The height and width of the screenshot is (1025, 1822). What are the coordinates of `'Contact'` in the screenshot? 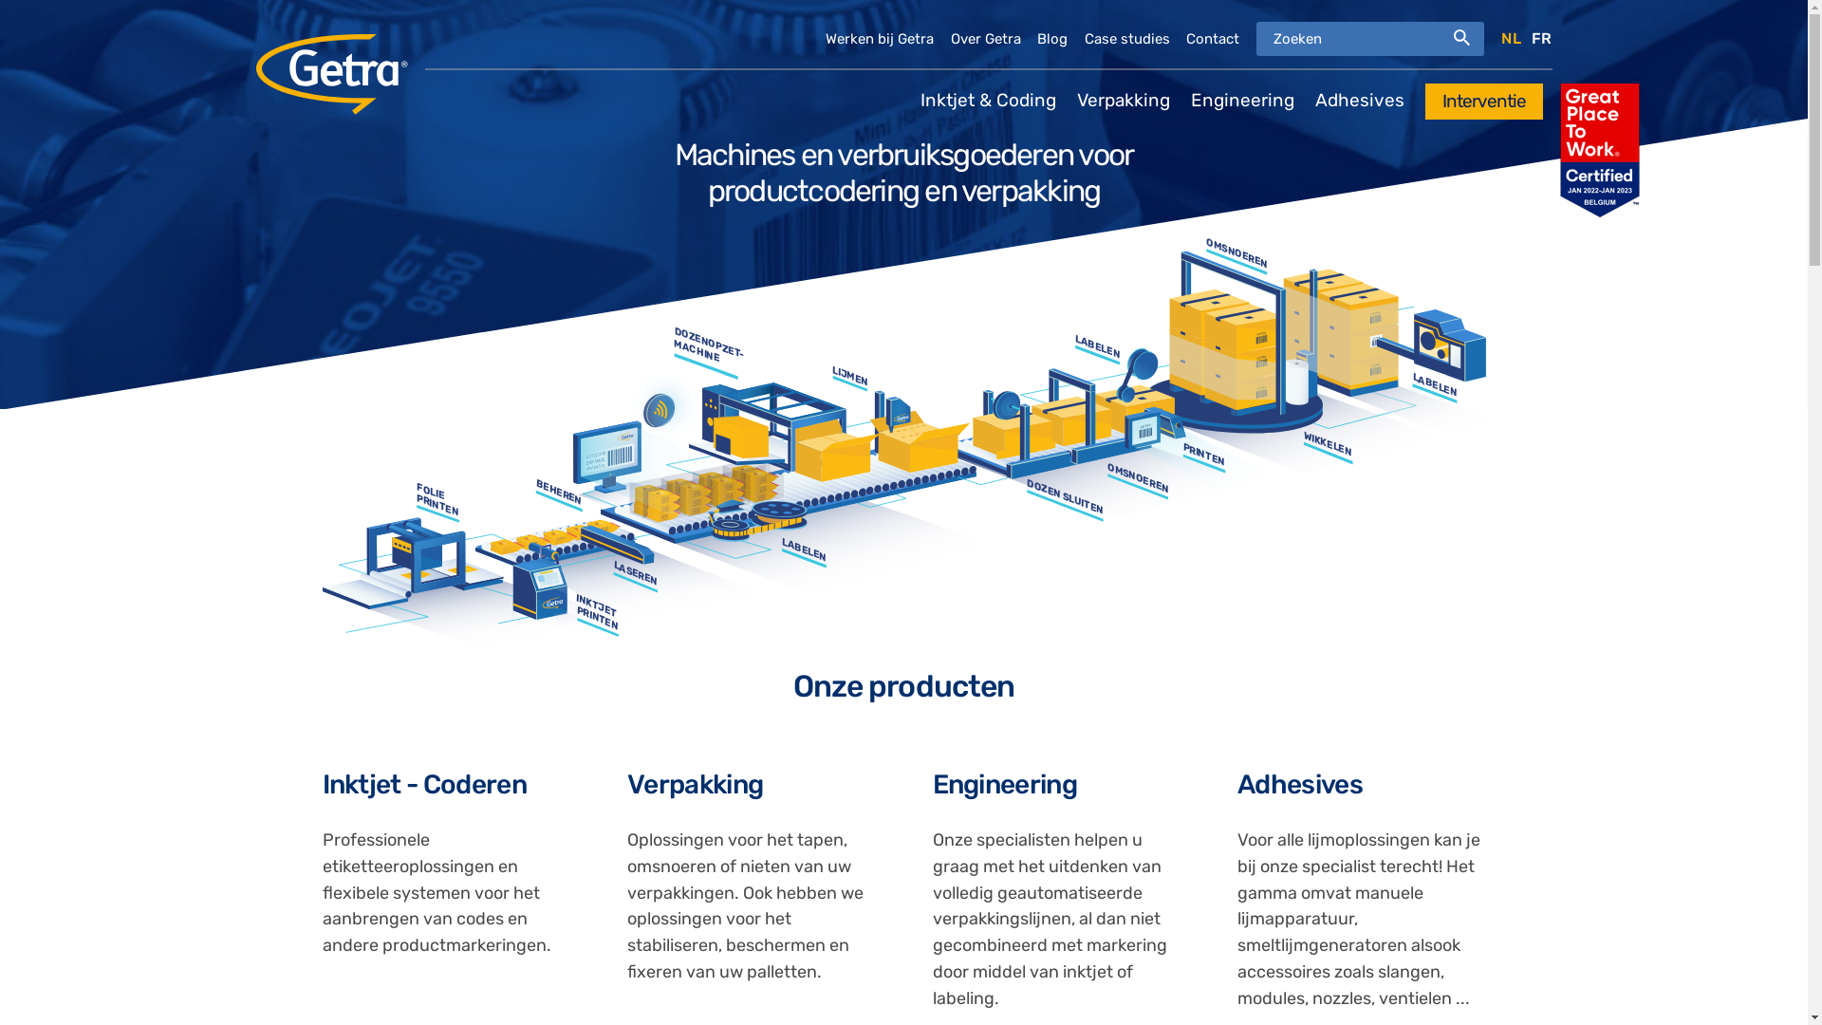 It's located at (1211, 39).